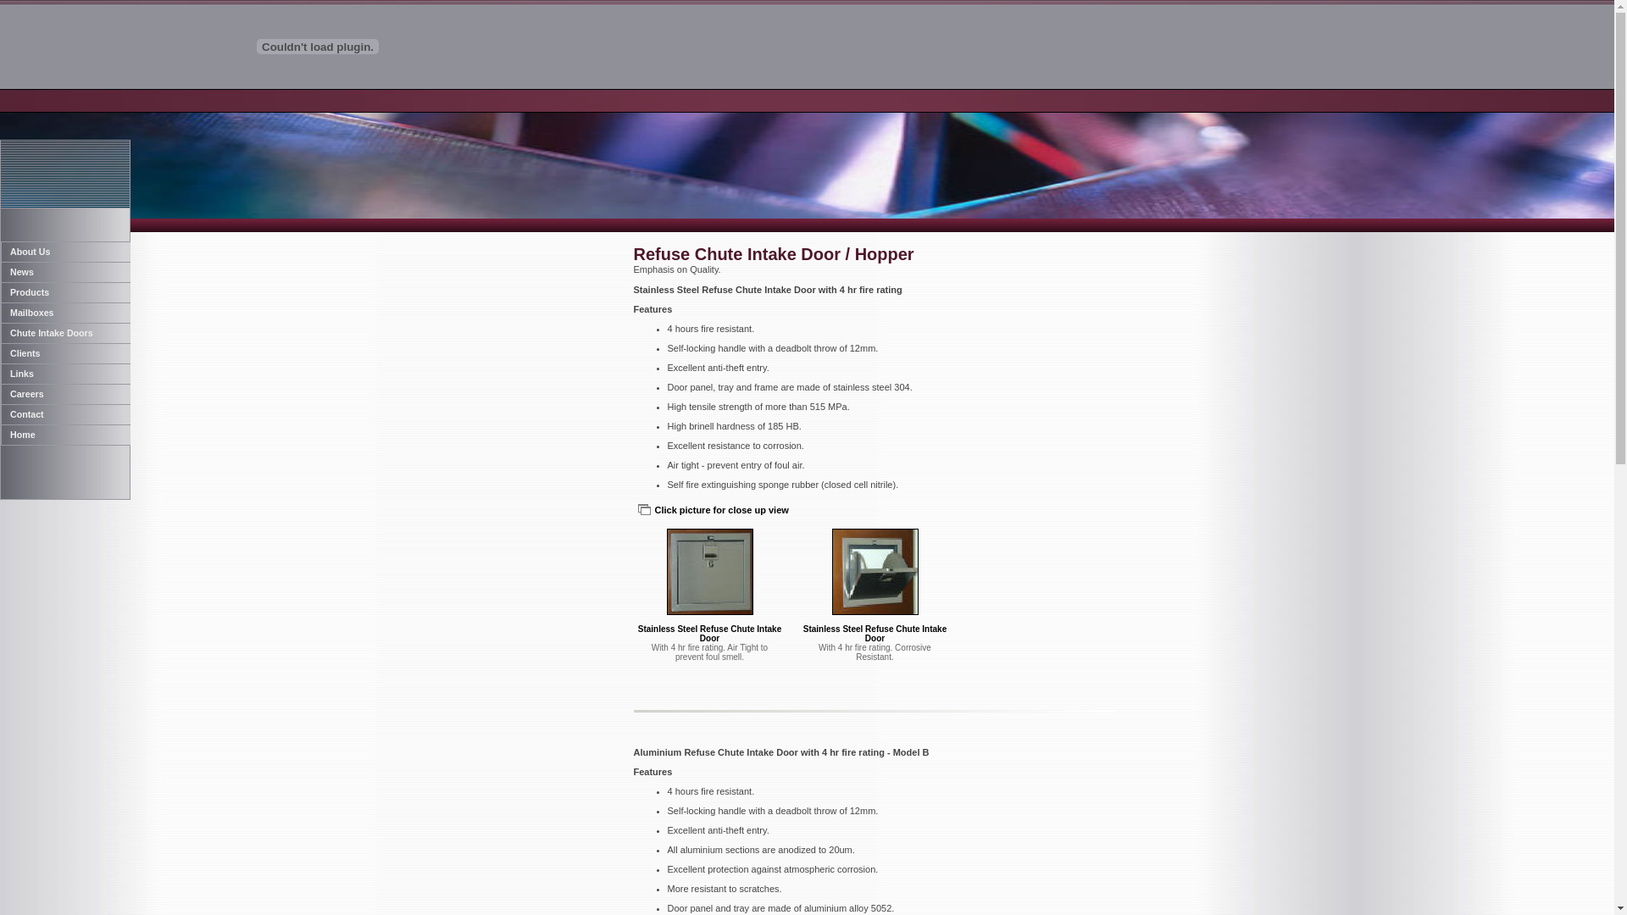  What do you see at coordinates (64, 372) in the screenshot?
I see `'Links'` at bounding box center [64, 372].